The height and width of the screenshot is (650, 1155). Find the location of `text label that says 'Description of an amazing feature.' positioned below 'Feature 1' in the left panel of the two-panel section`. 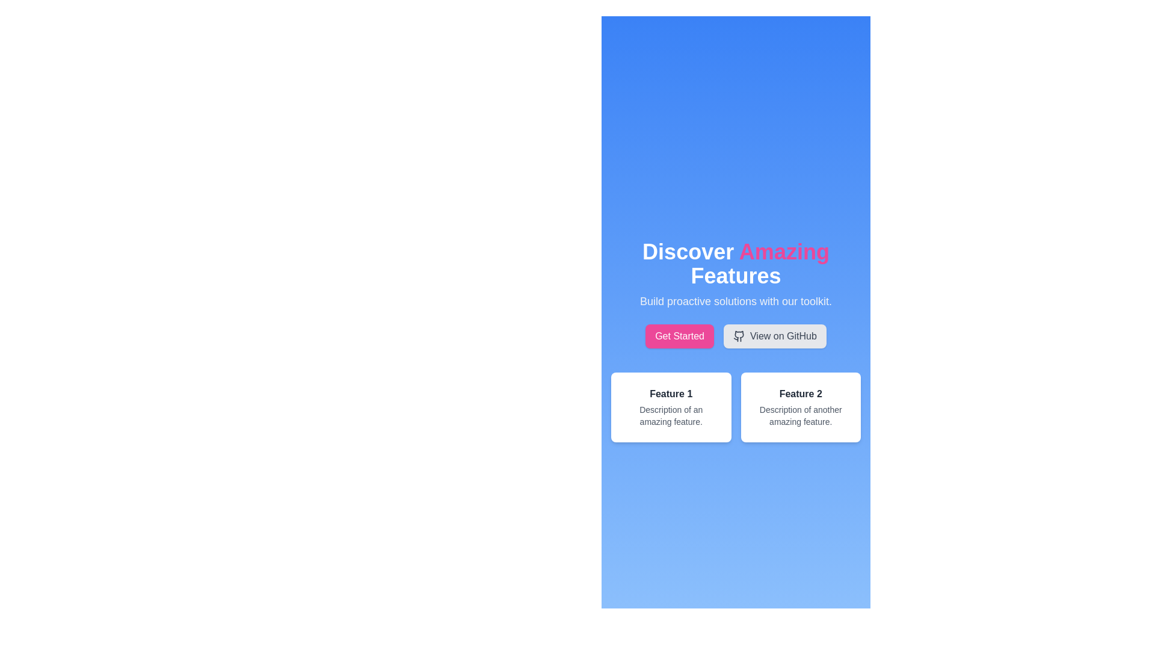

text label that says 'Description of an amazing feature.' positioned below 'Feature 1' in the left panel of the two-panel section is located at coordinates (670, 415).